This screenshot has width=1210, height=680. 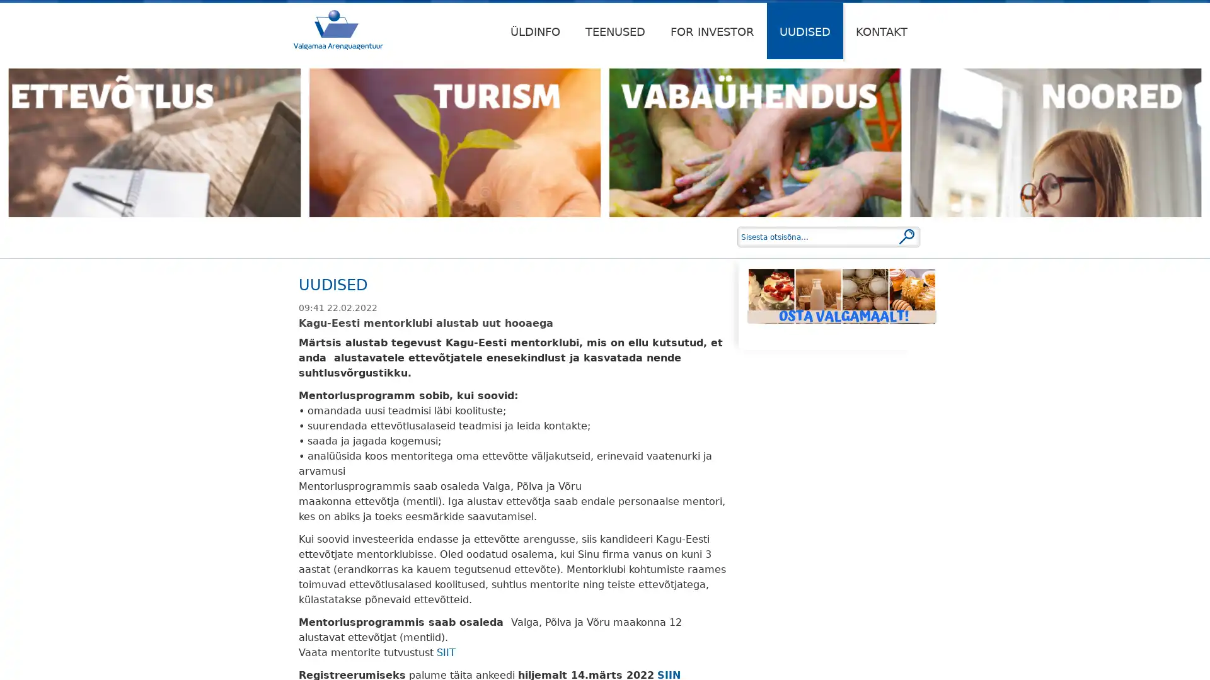 I want to click on Otsi, so click(x=906, y=236).